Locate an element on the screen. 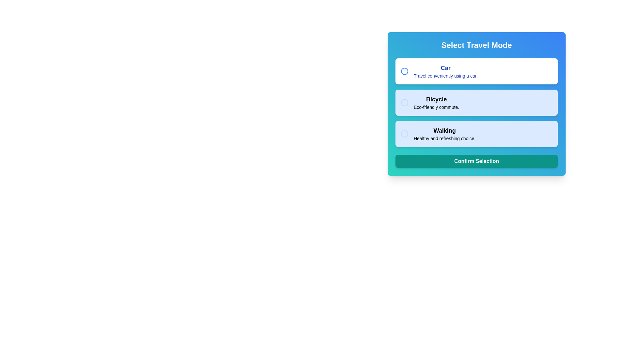 The image size is (627, 352). the text element displaying 'Healthy and refreshing choice.' located beneath the bold text 'Walking' in the travel modes selection interface is located at coordinates (444, 138).